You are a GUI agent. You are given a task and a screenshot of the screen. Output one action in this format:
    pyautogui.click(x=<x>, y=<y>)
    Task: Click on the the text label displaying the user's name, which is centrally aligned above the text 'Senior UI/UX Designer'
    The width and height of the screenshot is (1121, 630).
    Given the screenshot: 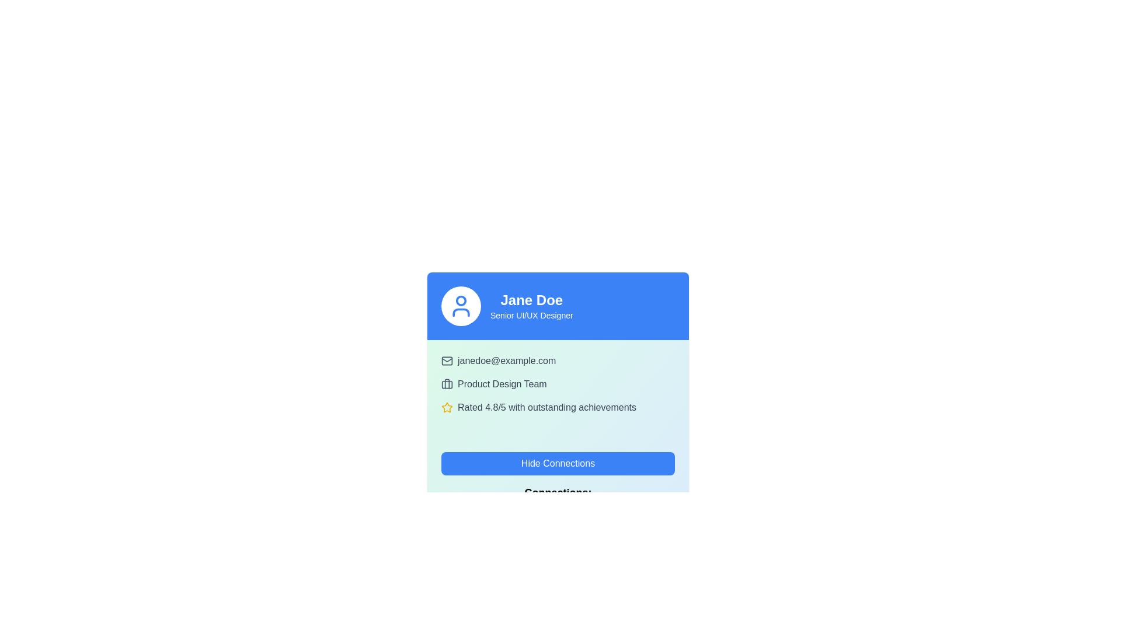 What is the action you would take?
    pyautogui.click(x=531, y=300)
    